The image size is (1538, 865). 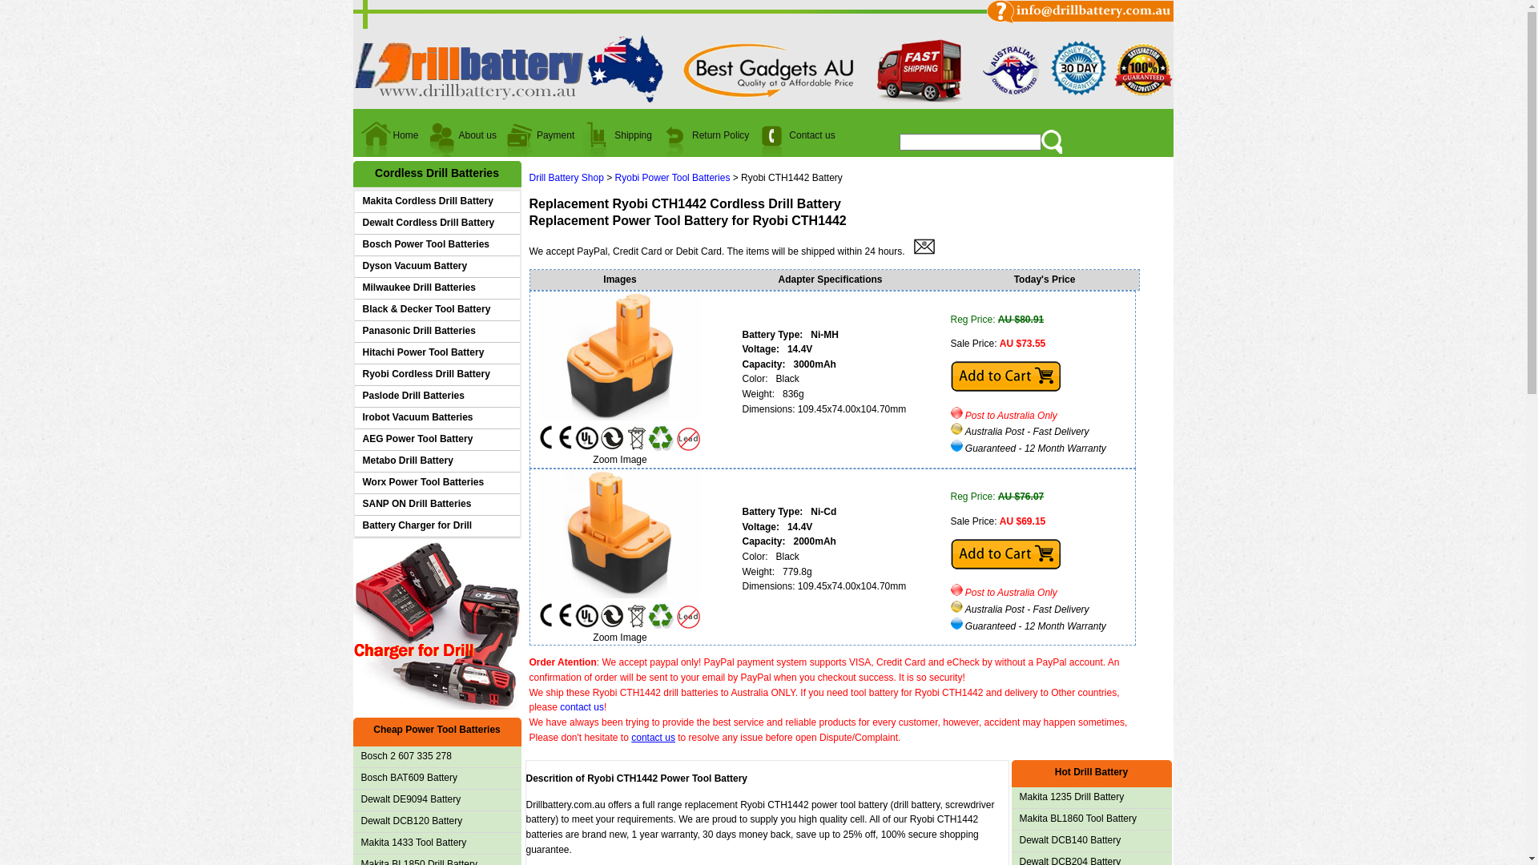 What do you see at coordinates (437, 843) in the screenshot?
I see `'Makita 1433 Tool Battery'` at bounding box center [437, 843].